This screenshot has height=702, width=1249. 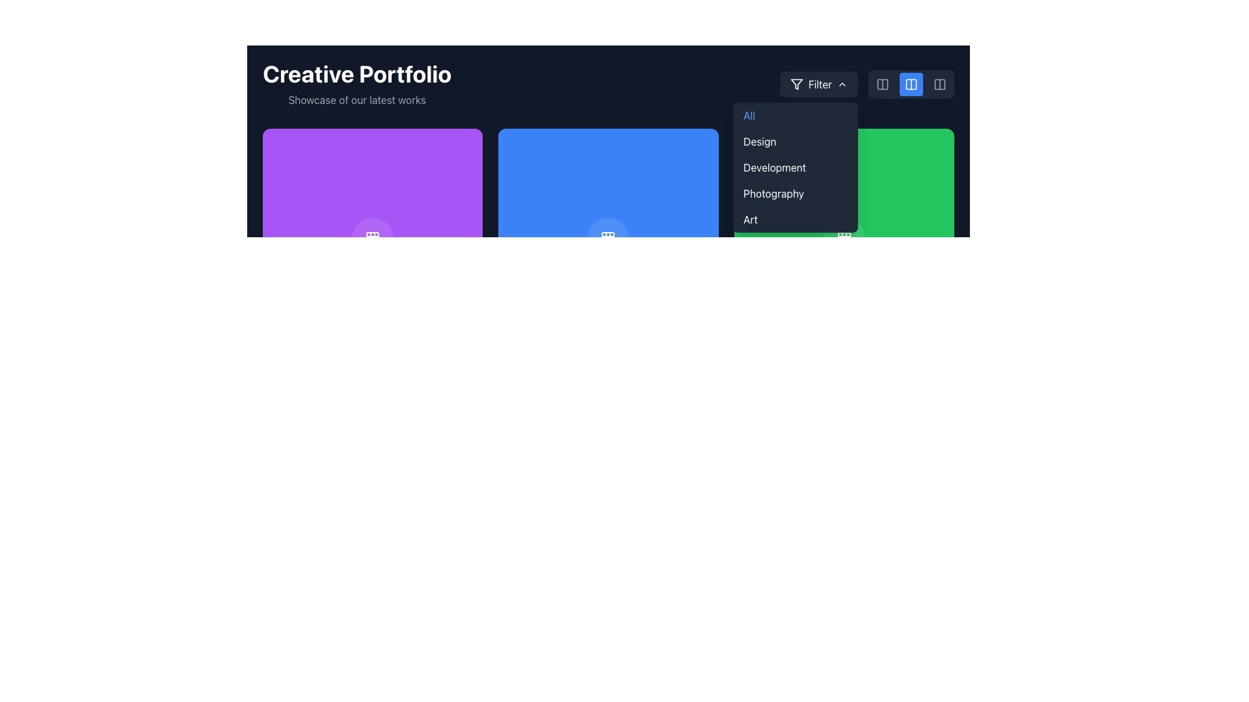 I want to click on the 'Filter' text label within the button, so click(x=819, y=84).